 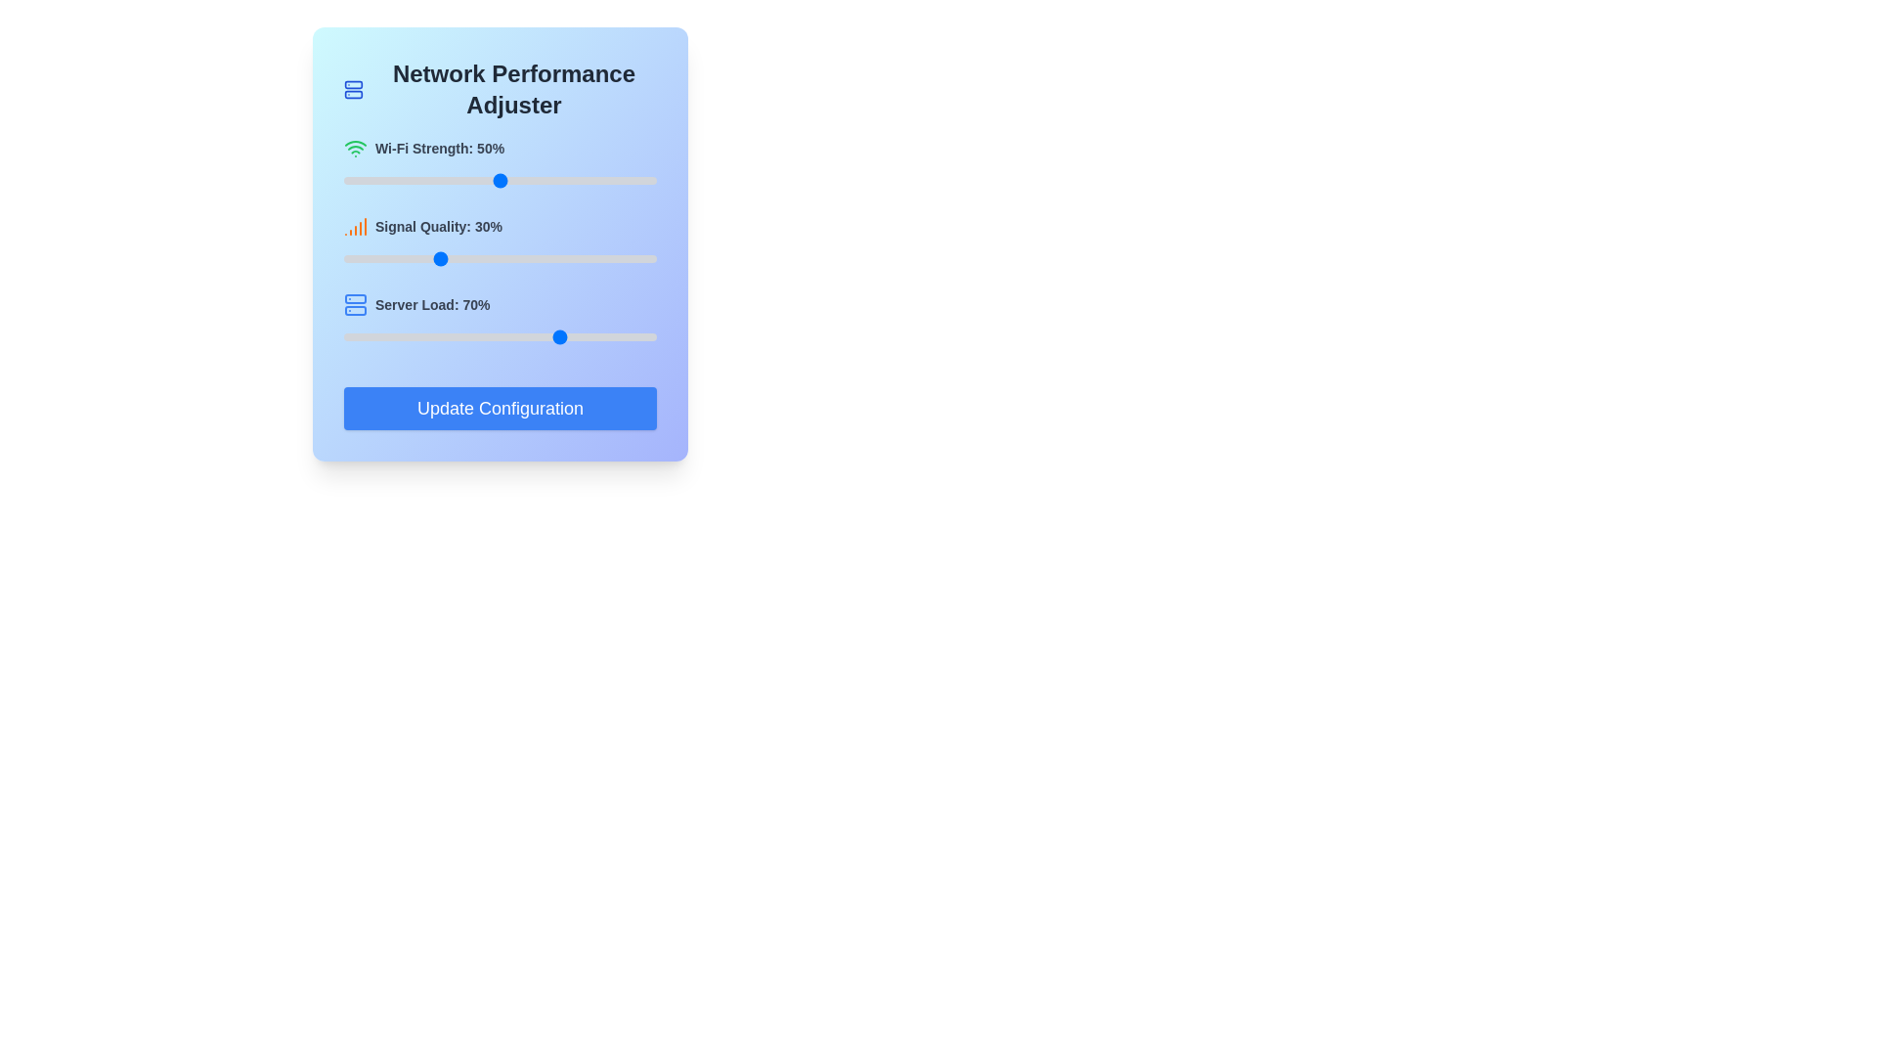 What do you see at coordinates (461, 258) in the screenshot?
I see `signal quality` at bounding box center [461, 258].